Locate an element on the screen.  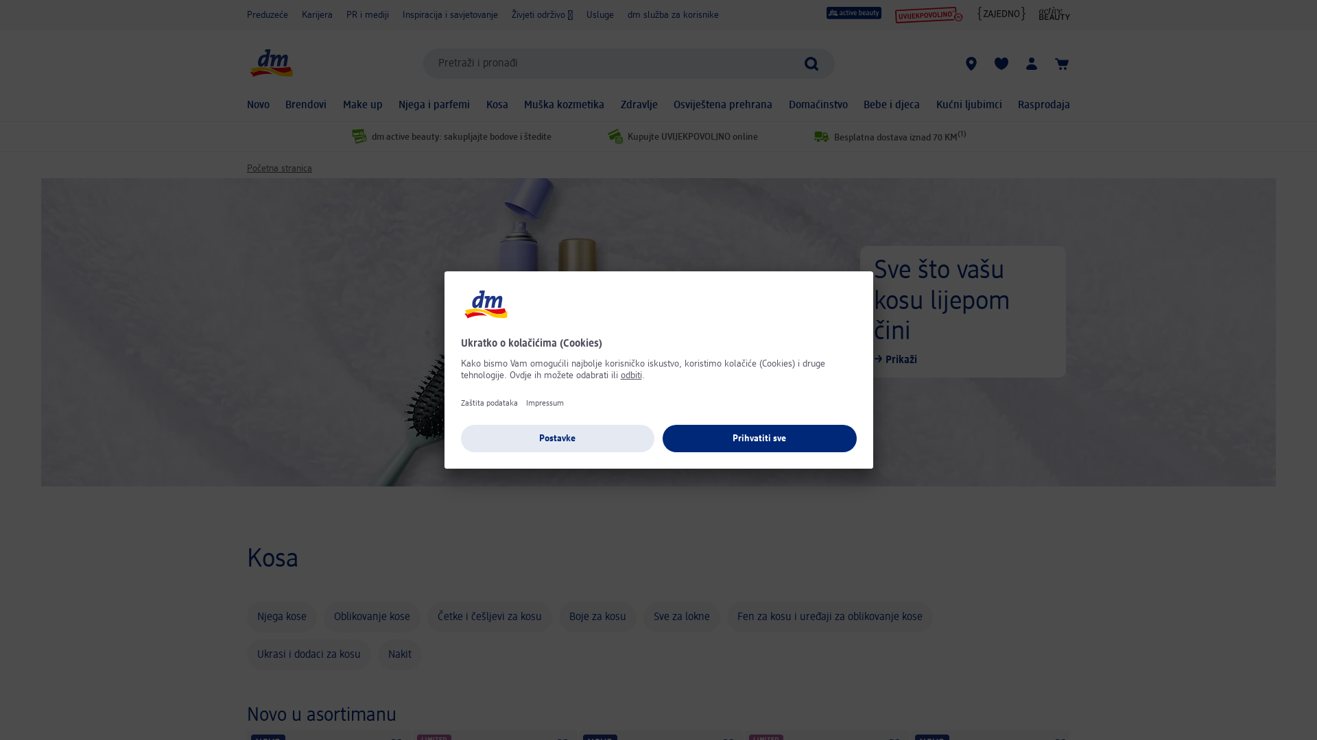
'Make up' is located at coordinates (337, 105).